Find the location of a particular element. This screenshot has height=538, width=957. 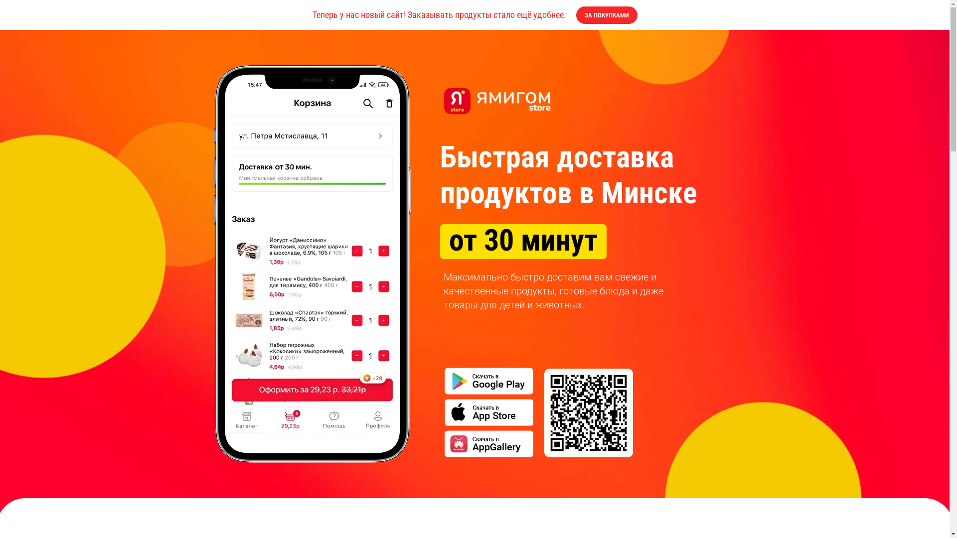

'Close' is located at coordinates (933, 14).